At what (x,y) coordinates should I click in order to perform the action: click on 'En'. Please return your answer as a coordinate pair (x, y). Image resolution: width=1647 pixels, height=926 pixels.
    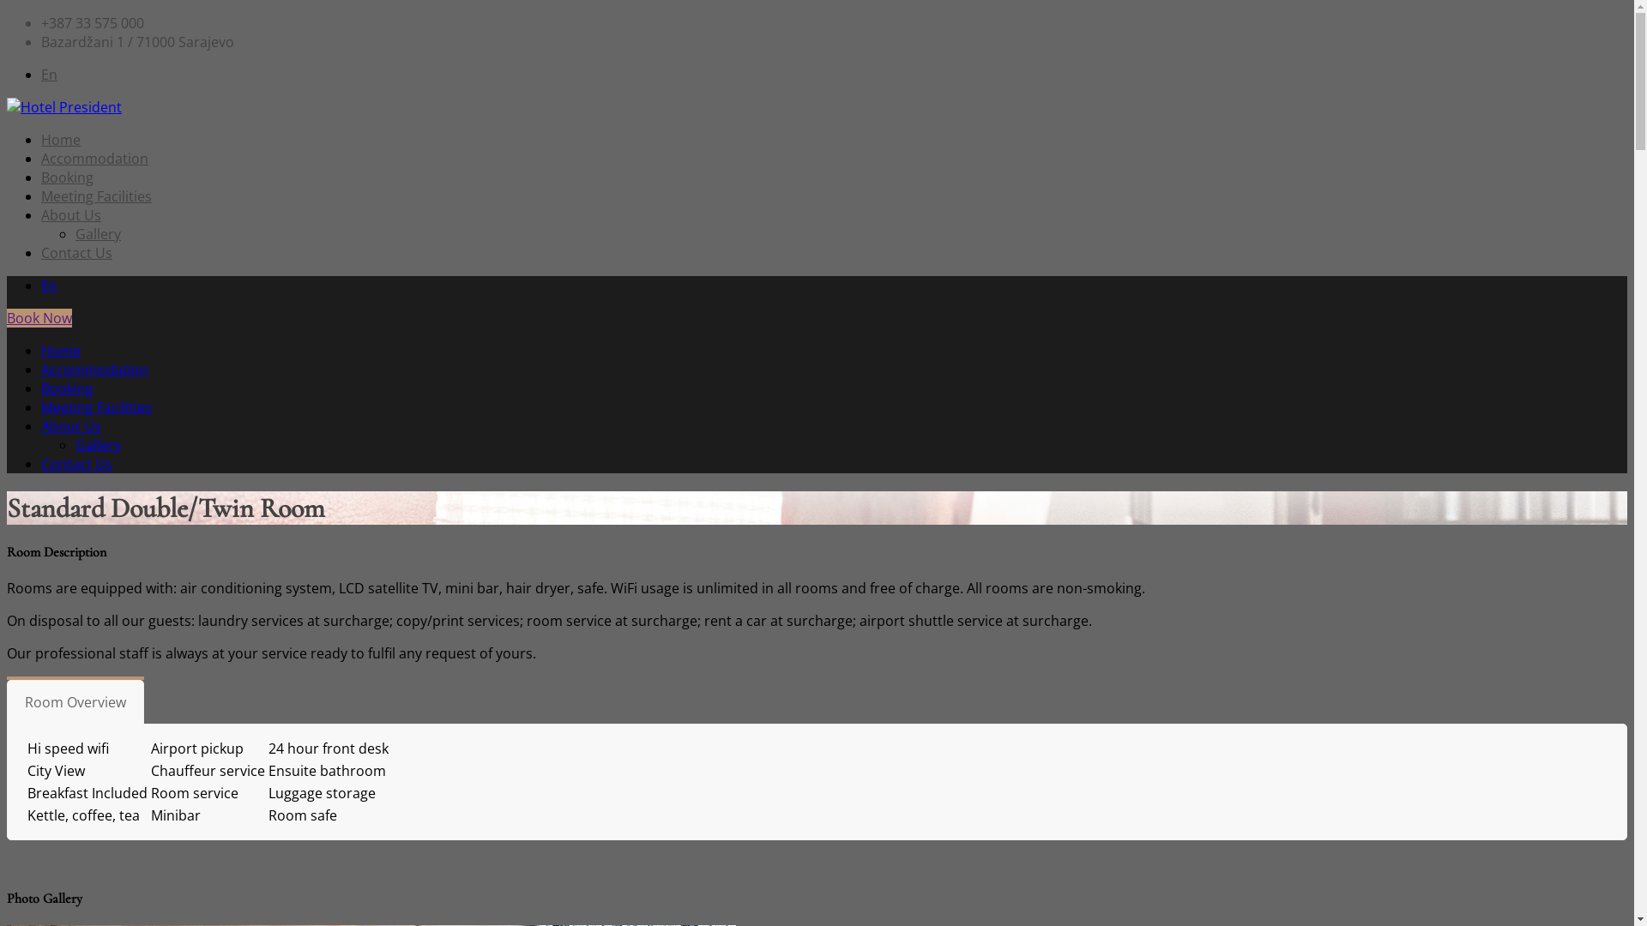
    Looking at the image, I should click on (41, 74).